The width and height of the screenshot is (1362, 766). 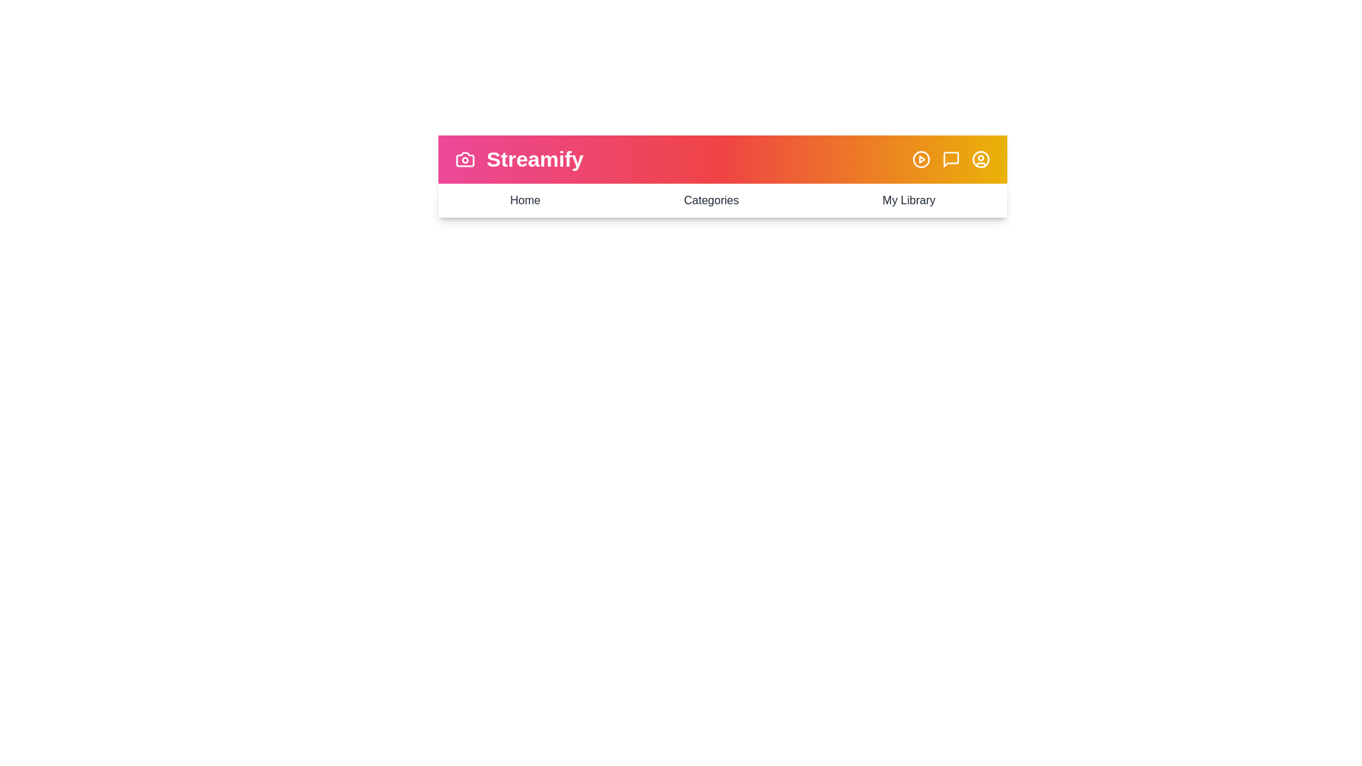 What do you see at coordinates (980, 159) in the screenshot?
I see `the UserCircle icon to trigger its associated functionality` at bounding box center [980, 159].